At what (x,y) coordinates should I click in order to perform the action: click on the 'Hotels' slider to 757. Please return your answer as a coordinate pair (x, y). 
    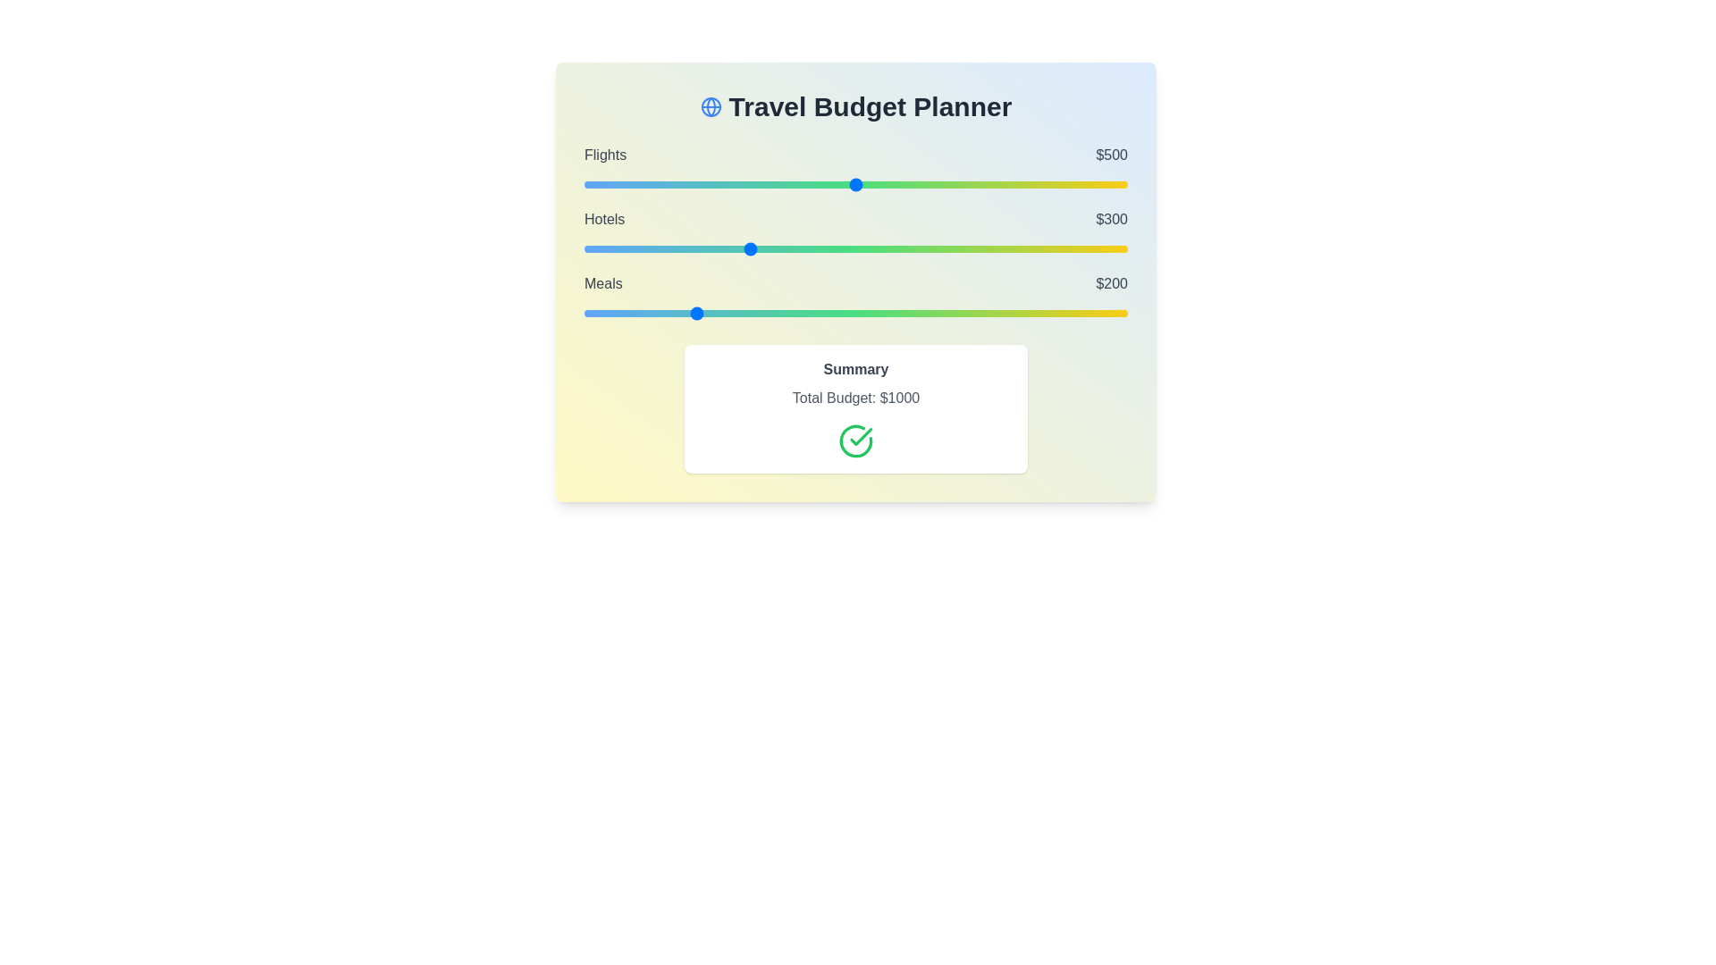
    Looking at the image, I should click on (995, 248).